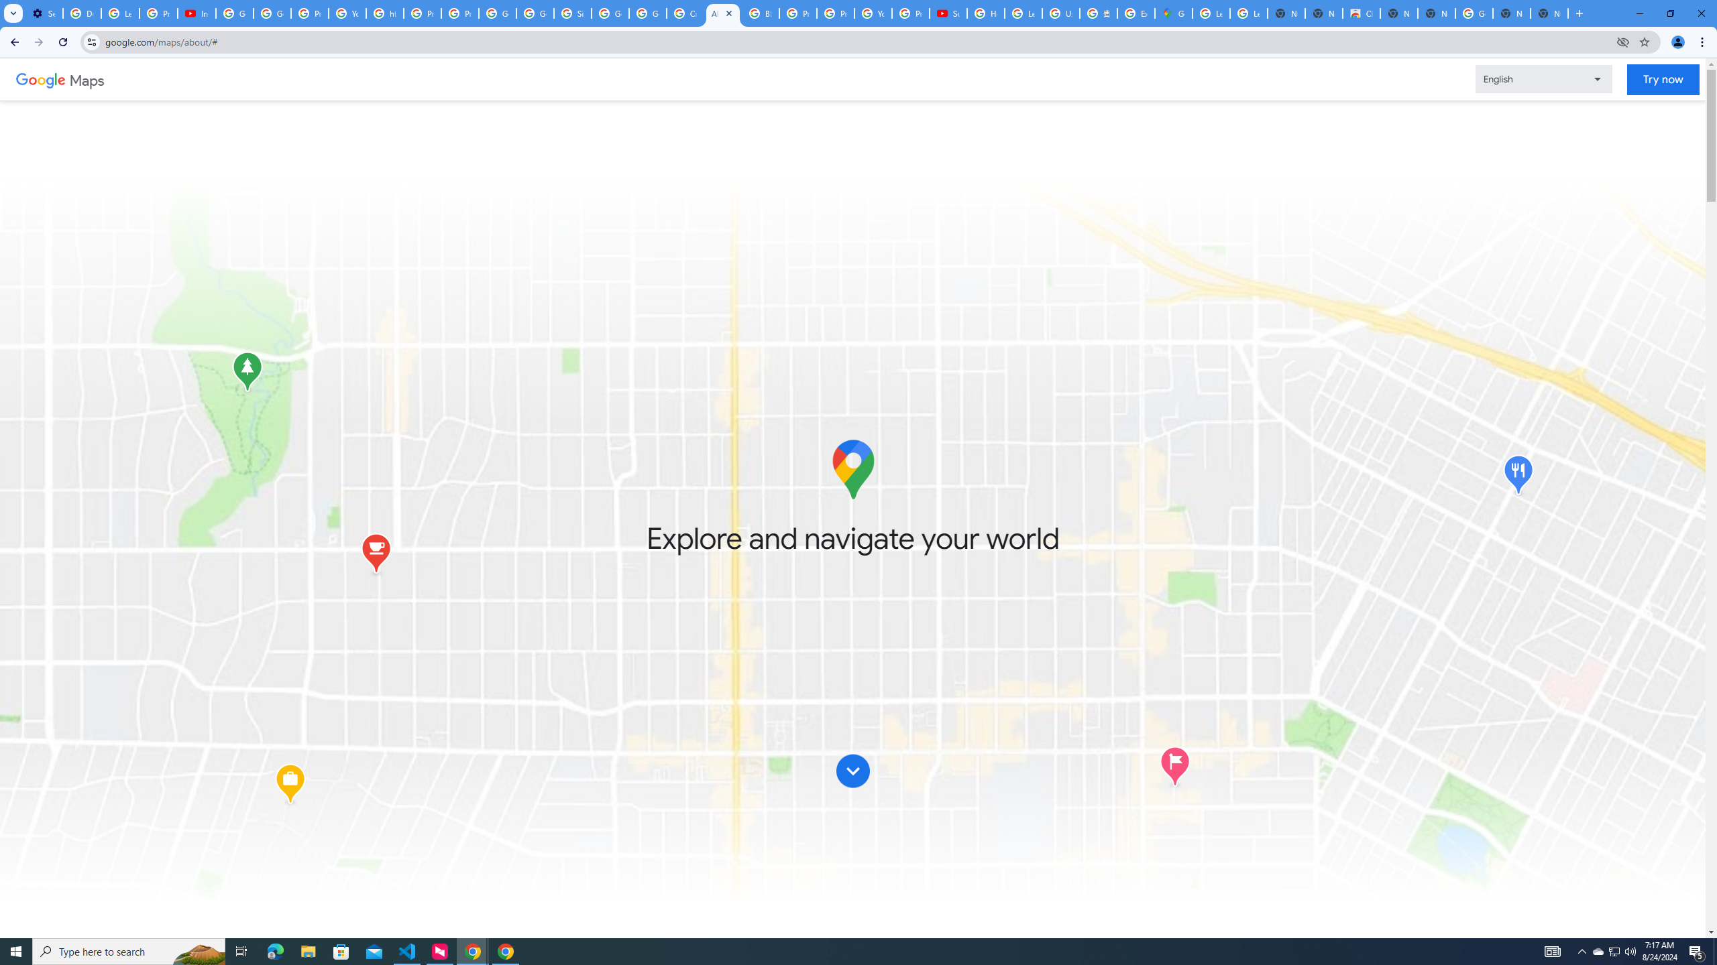  Describe the element at coordinates (1172, 13) in the screenshot. I see `'Google Maps'` at that location.